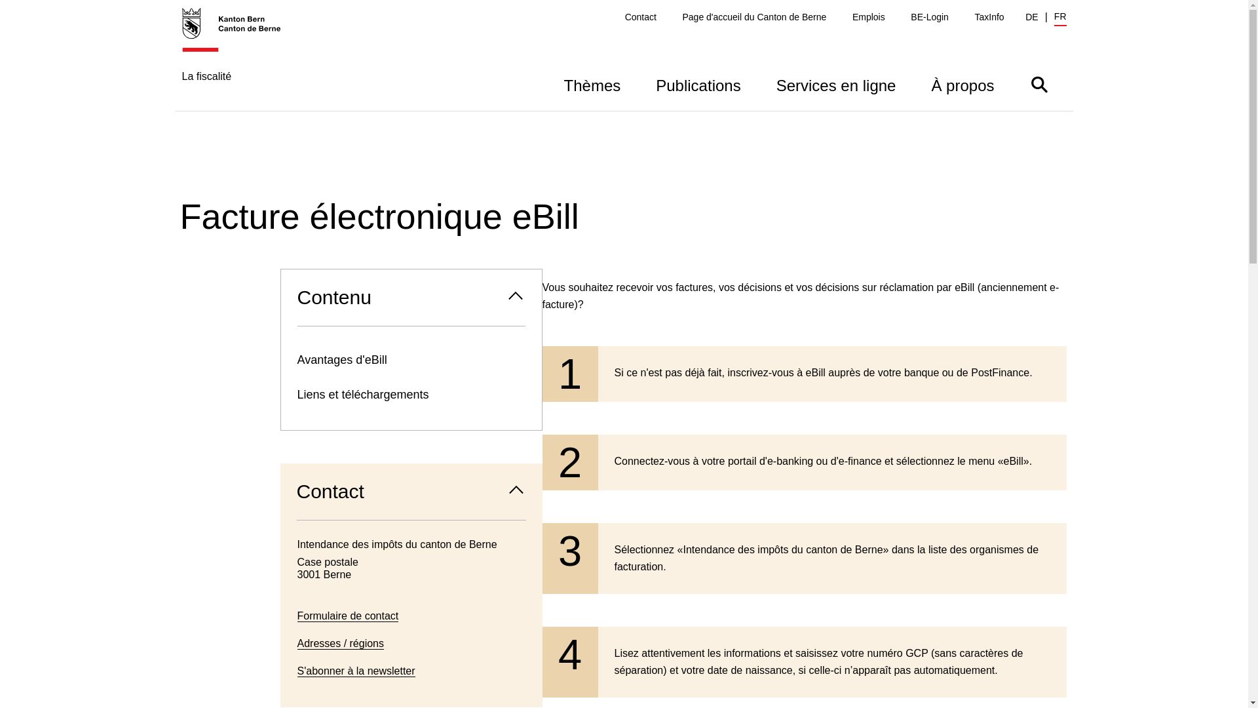 The width and height of the screenshot is (1258, 708). What do you see at coordinates (641, 17) in the screenshot?
I see `'Contact'` at bounding box center [641, 17].